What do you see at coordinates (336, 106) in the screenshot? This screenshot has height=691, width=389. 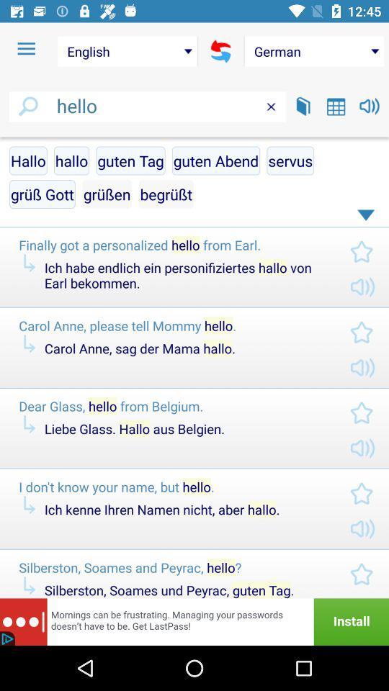 I see `item below german icon` at bounding box center [336, 106].